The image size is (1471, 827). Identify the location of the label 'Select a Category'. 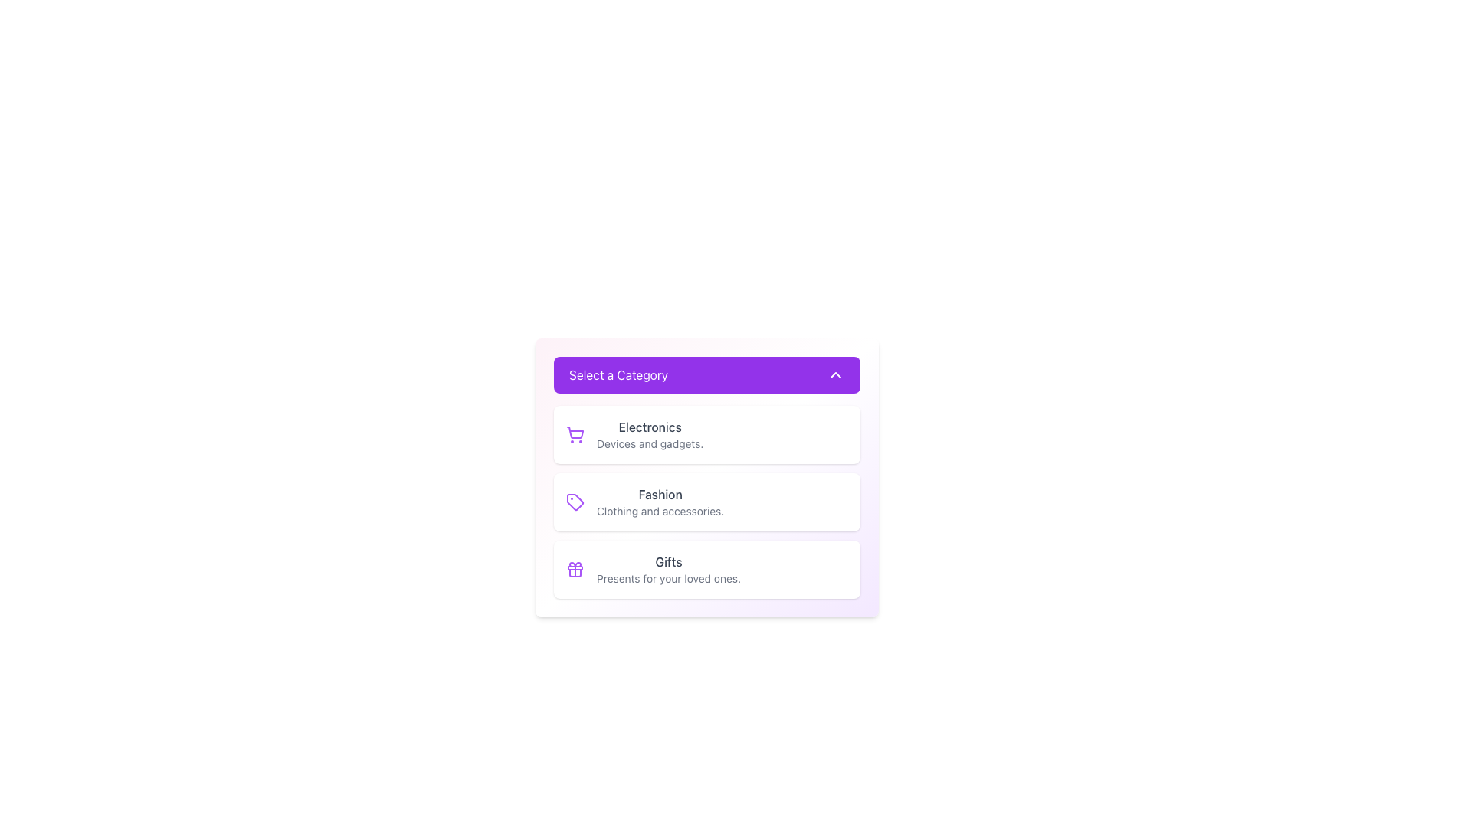
(618, 374).